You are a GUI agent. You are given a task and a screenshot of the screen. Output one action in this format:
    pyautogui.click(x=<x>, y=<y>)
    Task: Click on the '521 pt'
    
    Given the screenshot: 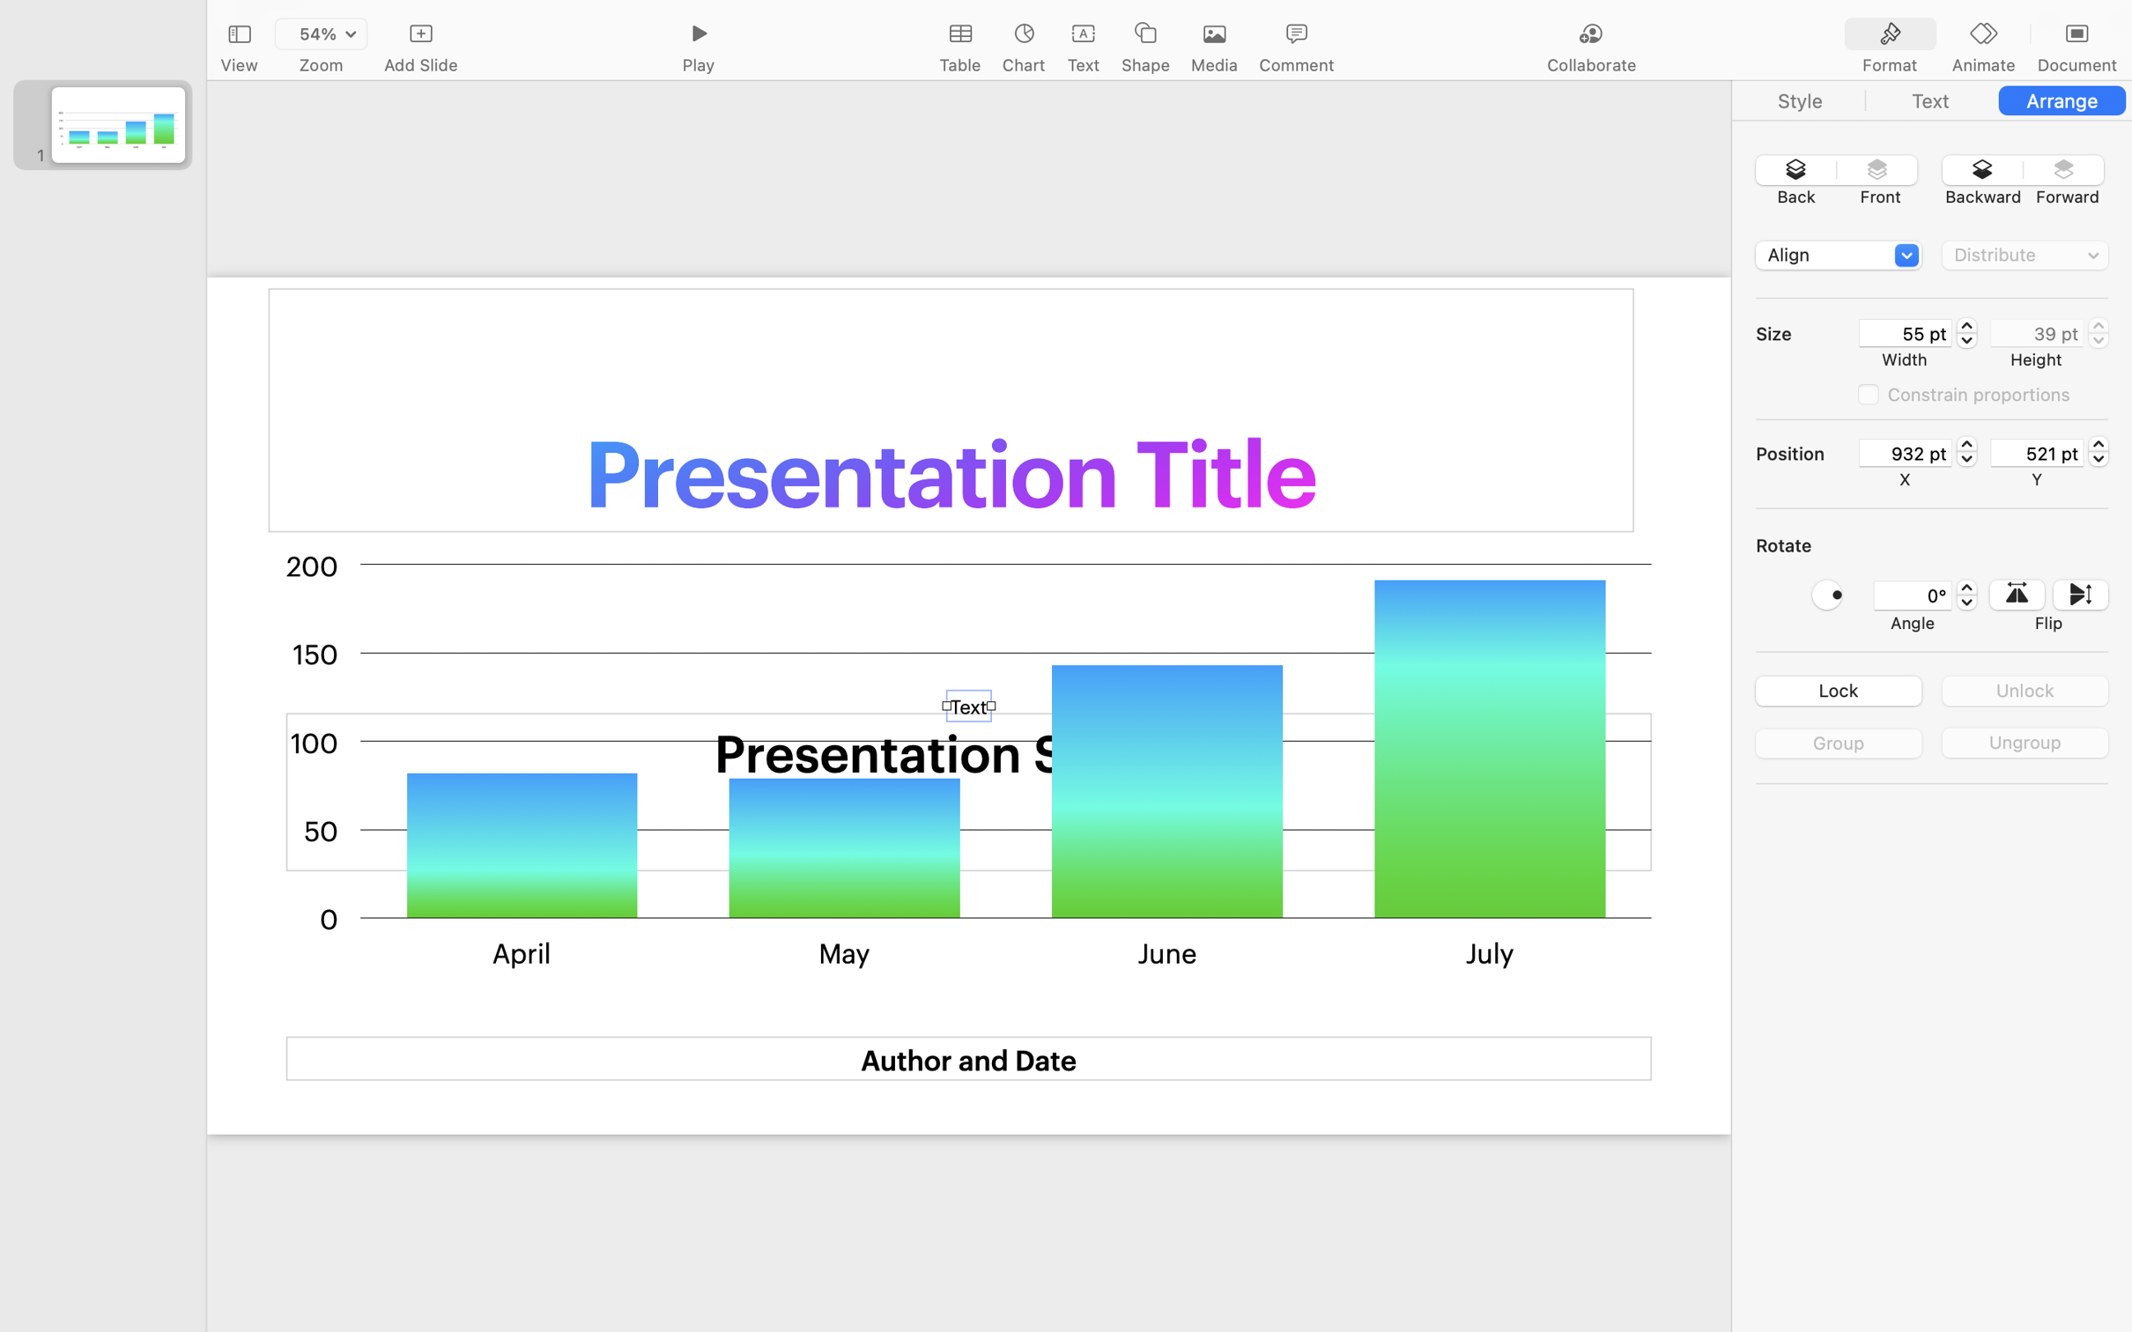 What is the action you would take?
    pyautogui.click(x=2037, y=452)
    